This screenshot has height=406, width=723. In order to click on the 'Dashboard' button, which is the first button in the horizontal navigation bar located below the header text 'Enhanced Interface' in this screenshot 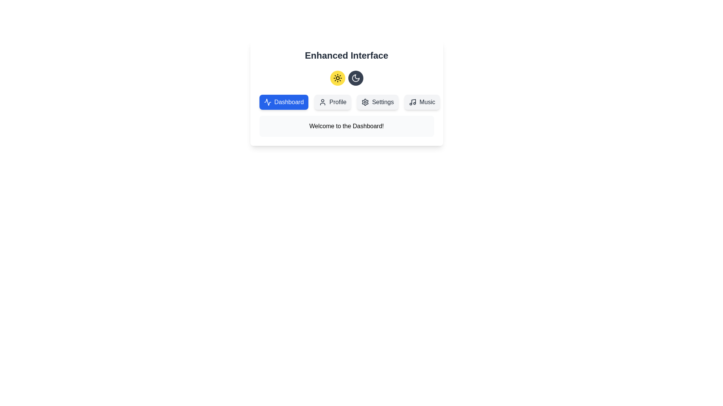, I will do `click(267, 102)`.